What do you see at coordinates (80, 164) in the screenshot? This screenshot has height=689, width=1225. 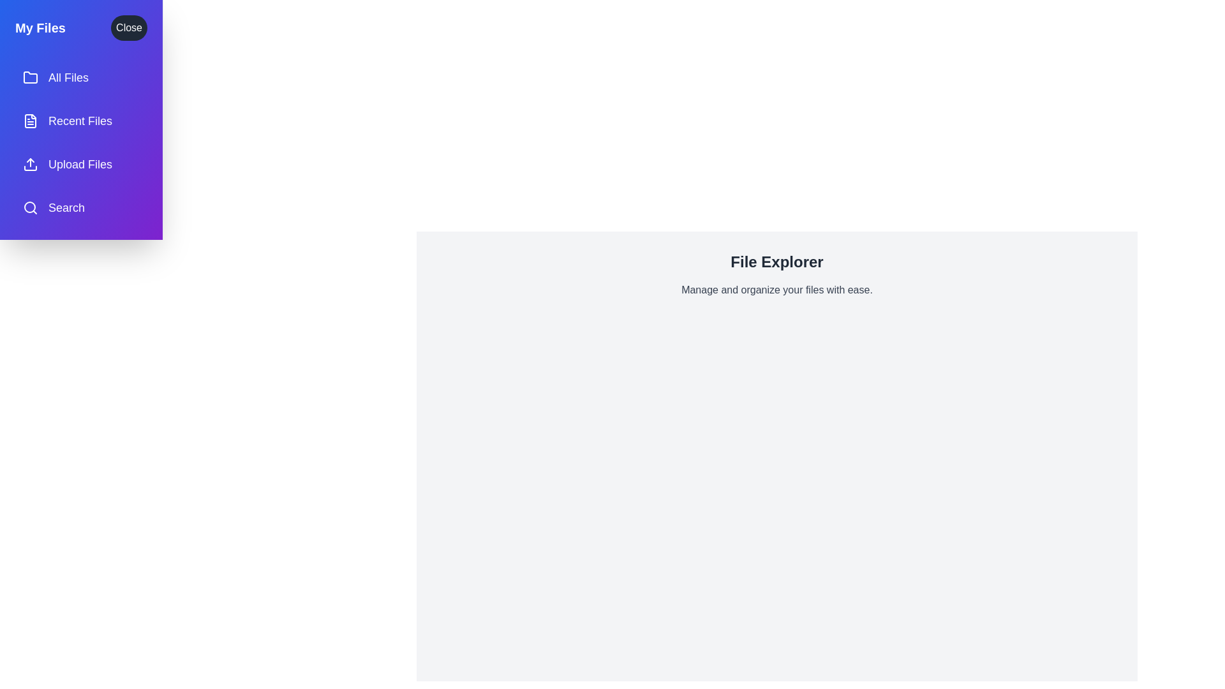 I see `the menu item Upload Files to observe the hover effect` at bounding box center [80, 164].